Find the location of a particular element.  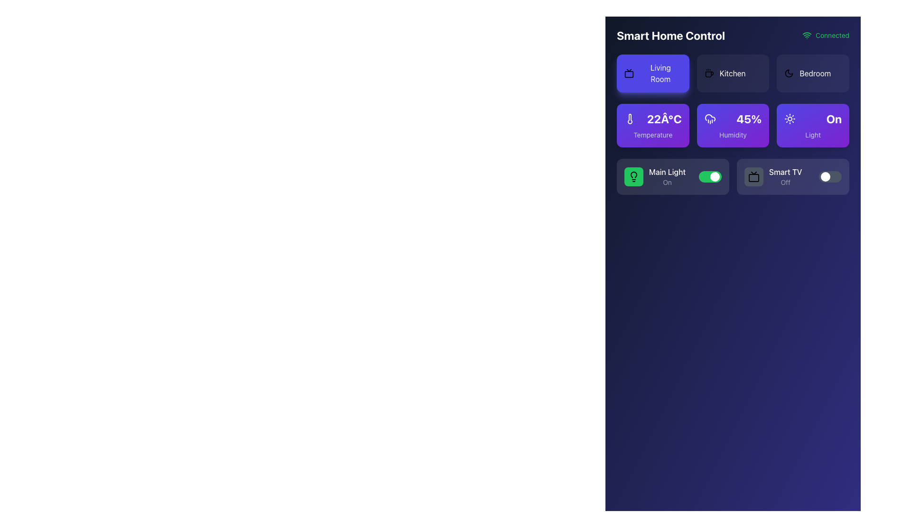

the decorative filament section of the light bulb icon in the 'Main Light' card located at the bottom-left quadrant of the grid layout is located at coordinates (633, 175).